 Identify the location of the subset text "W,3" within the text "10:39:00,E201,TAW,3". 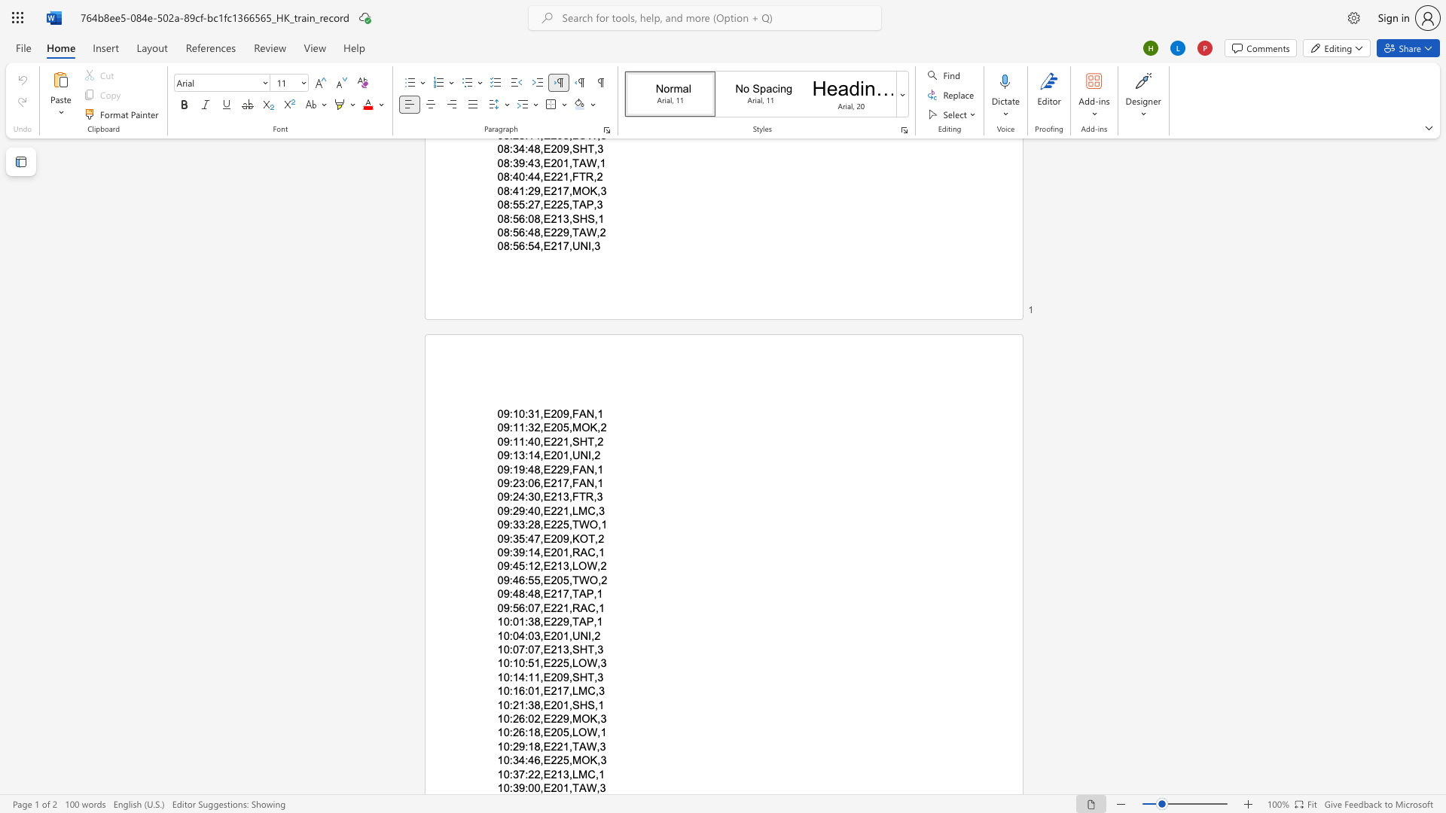
(585, 787).